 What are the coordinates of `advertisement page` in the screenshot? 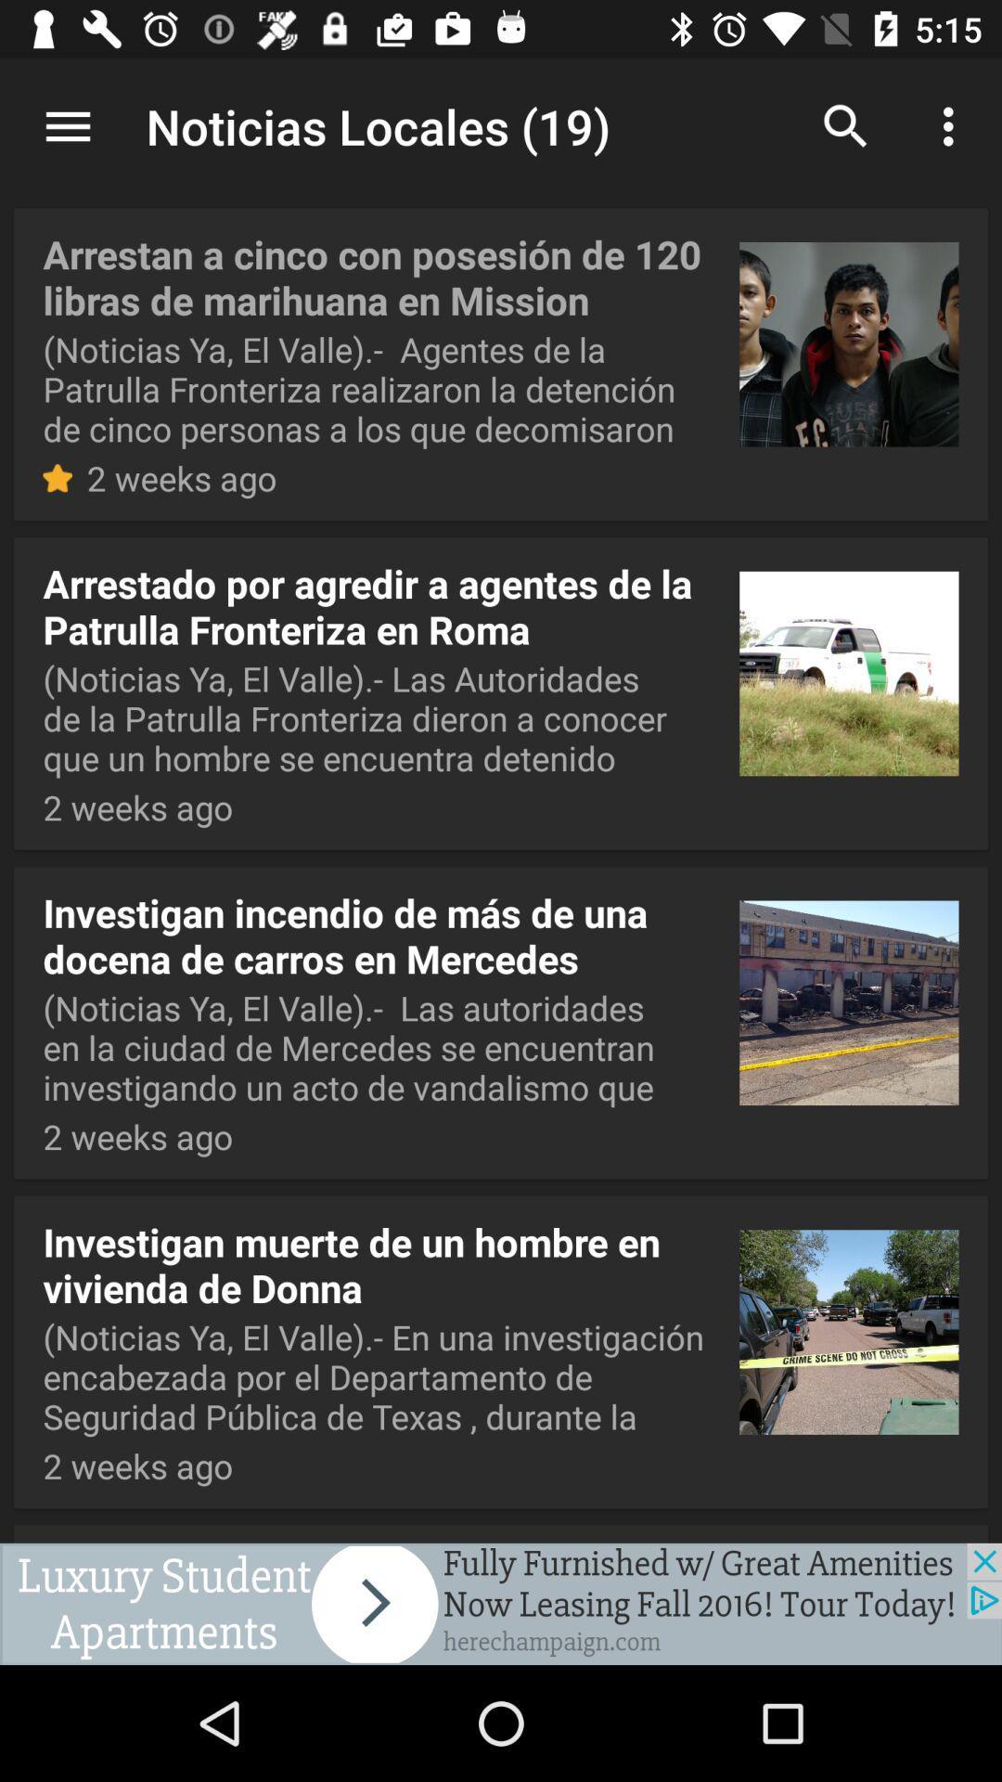 It's located at (501, 1603).